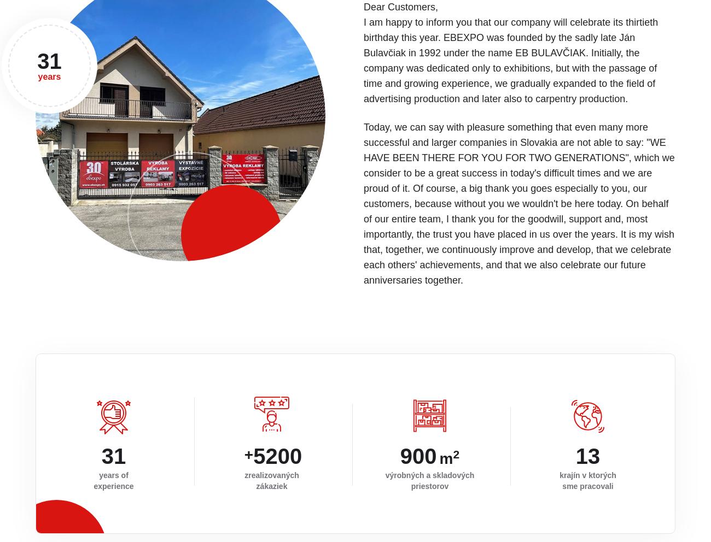  Describe the element at coordinates (597, 521) in the screenshot. I see `'Cookies'` at that location.